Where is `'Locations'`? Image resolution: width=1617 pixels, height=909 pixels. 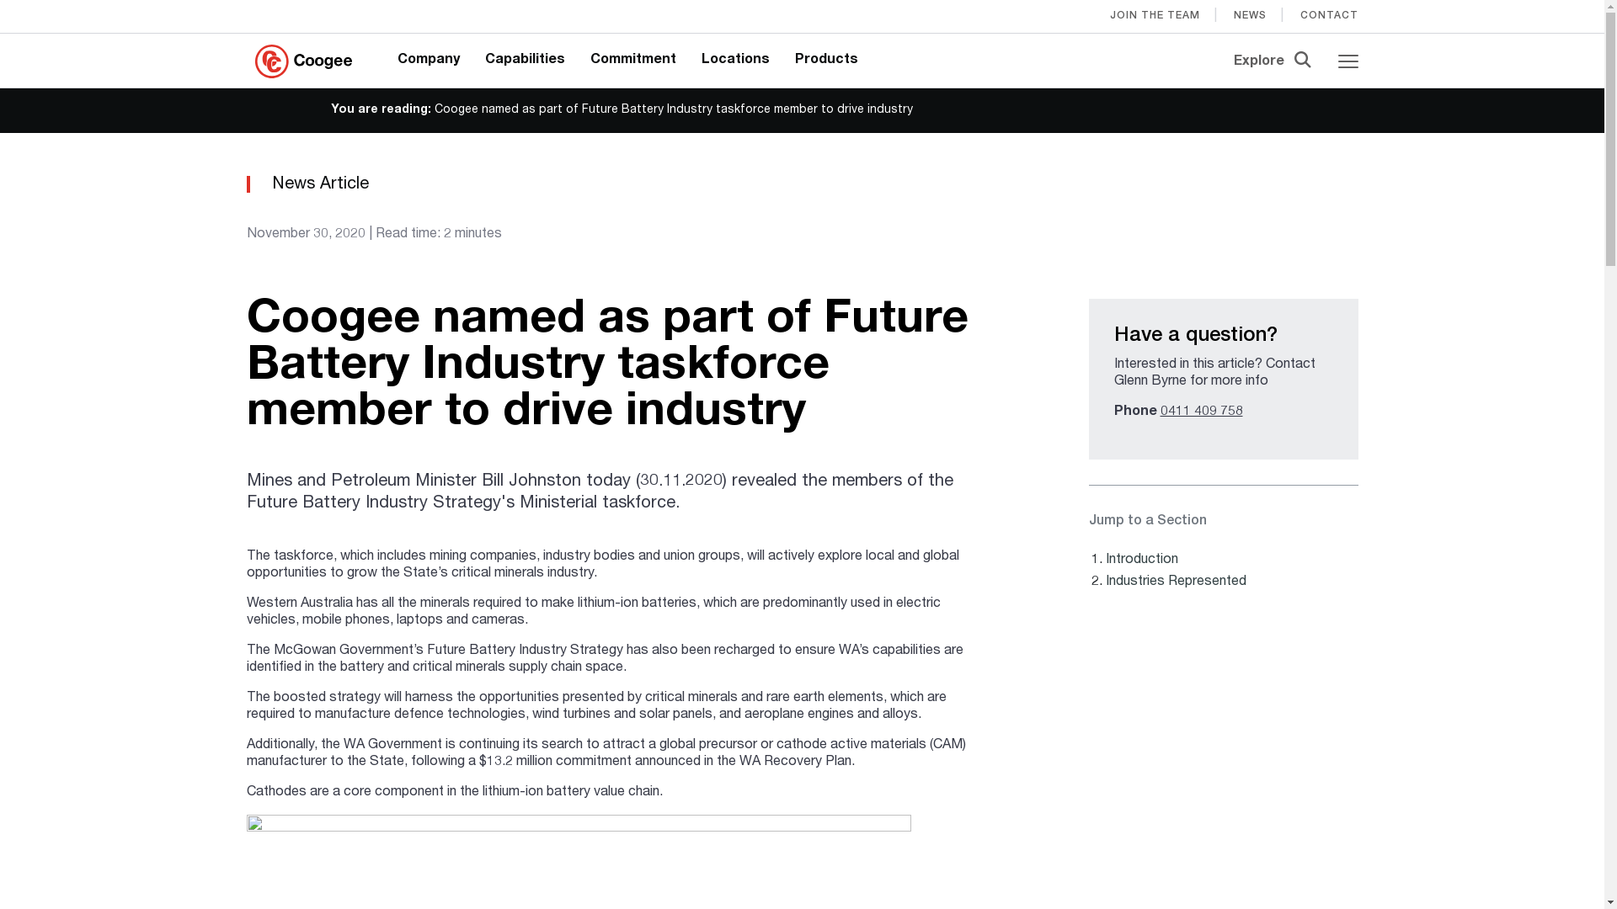
'Locations' is located at coordinates (735, 60).